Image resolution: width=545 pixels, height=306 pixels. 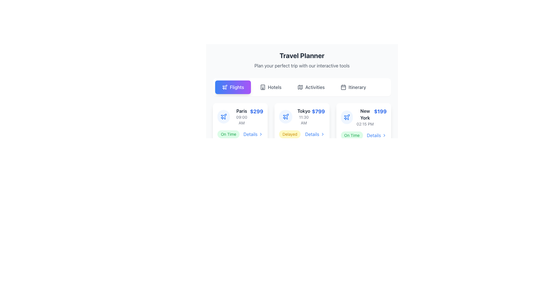 I want to click on the blue airplane icon located above the flight information text within its card, uniquely identified by its distinct side perspective and thin blue stroke, so click(x=223, y=116).